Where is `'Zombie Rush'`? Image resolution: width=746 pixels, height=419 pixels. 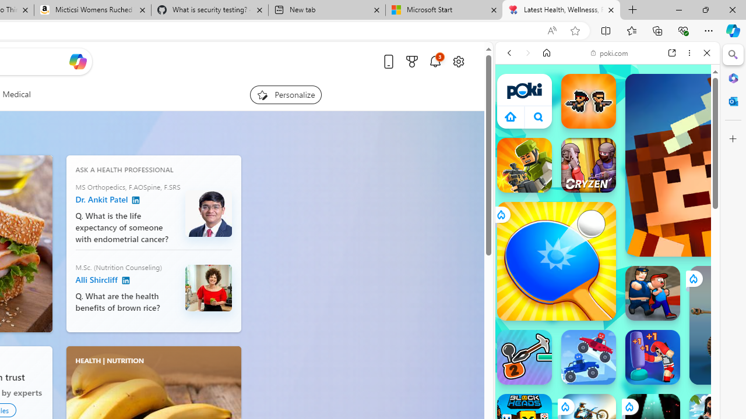 'Zombie Rush' is located at coordinates (588, 100).